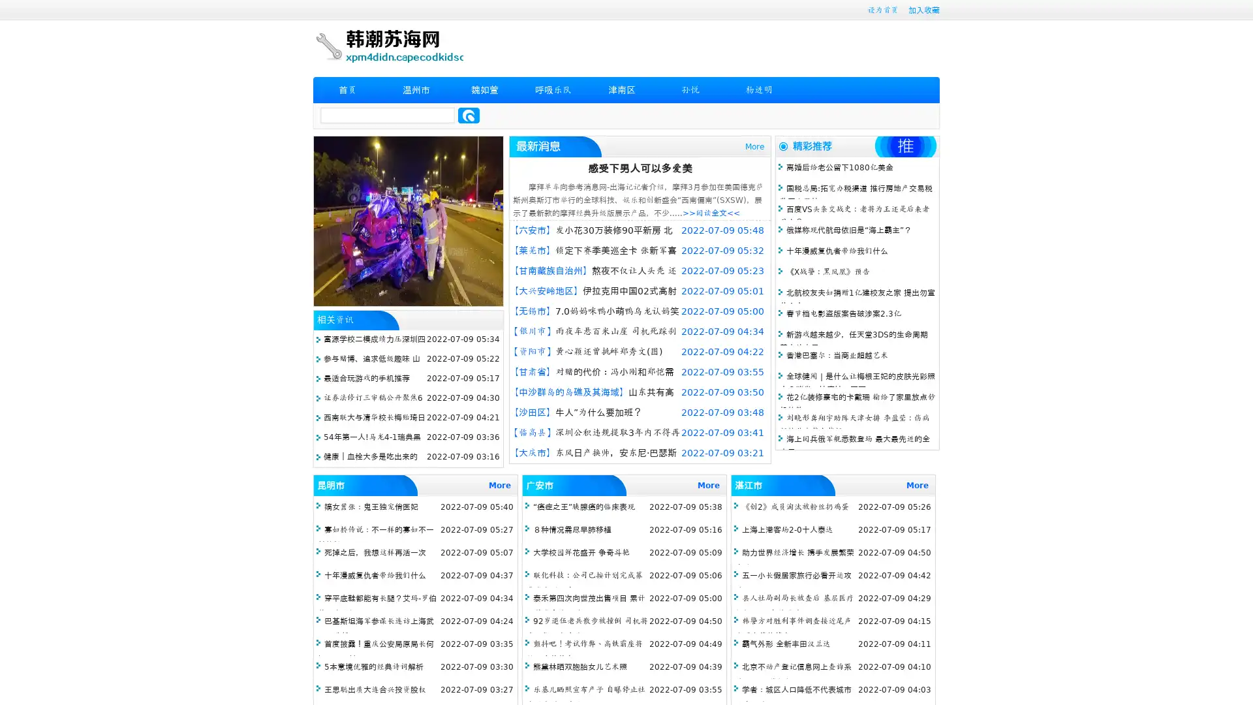 This screenshot has height=705, width=1253. Describe the element at coordinates (469, 115) in the screenshot. I see `Search` at that location.